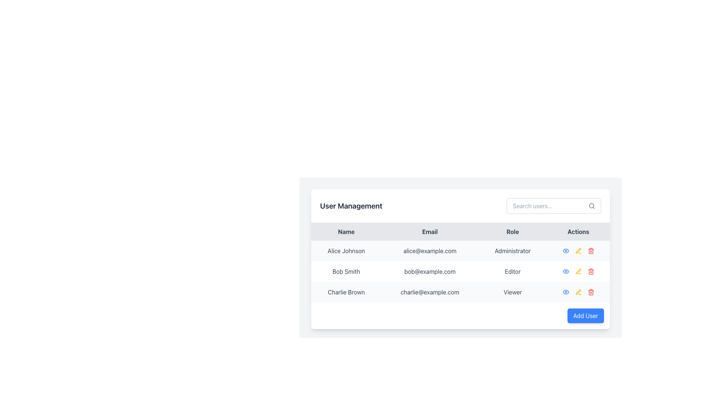 The height and width of the screenshot is (398, 708). Describe the element at coordinates (591, 206) in the screenshot. I see `the magnifying glass icon located at the top-right corner inside the search input field to initiate a search` at that location.